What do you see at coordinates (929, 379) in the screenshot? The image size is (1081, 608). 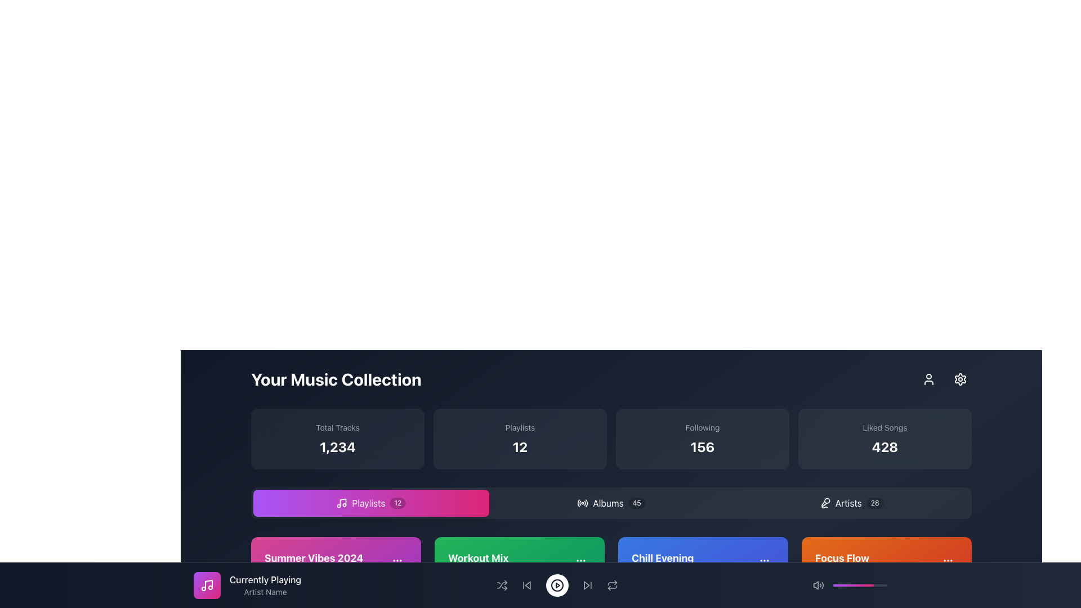 I see `the user icon, which is an outline of a person in white on a dark background, located in the upper-right corner of the interface` at bounding box center [929, 379].